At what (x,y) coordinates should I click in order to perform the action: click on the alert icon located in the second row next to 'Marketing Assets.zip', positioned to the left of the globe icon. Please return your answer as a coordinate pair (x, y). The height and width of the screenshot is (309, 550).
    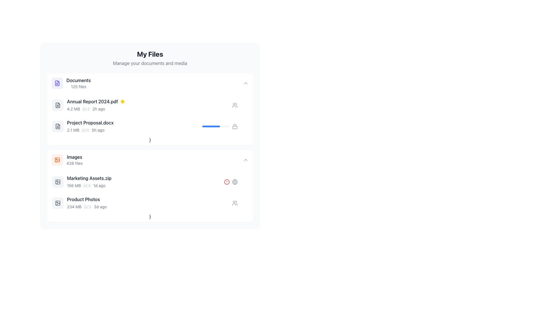
    Looking at the image, I should click on (227, 182).